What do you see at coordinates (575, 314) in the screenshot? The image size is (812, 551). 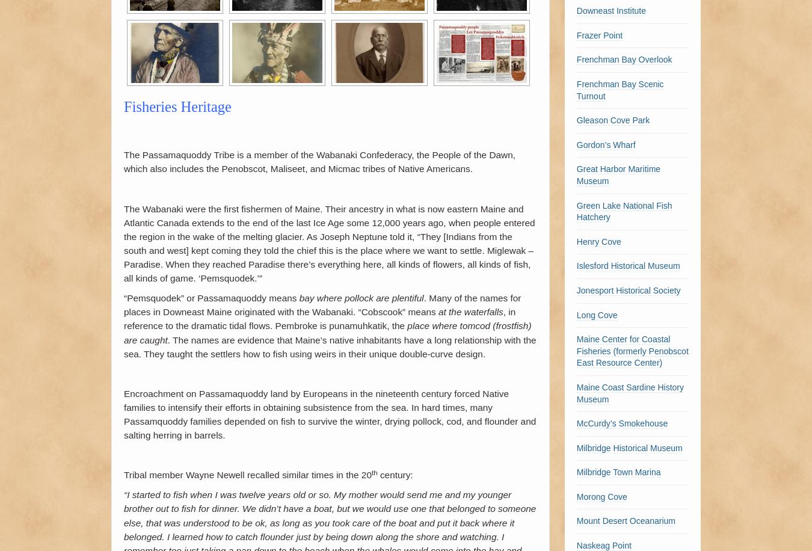 I see `'Long Cove'` at bounding box center [575, 314].